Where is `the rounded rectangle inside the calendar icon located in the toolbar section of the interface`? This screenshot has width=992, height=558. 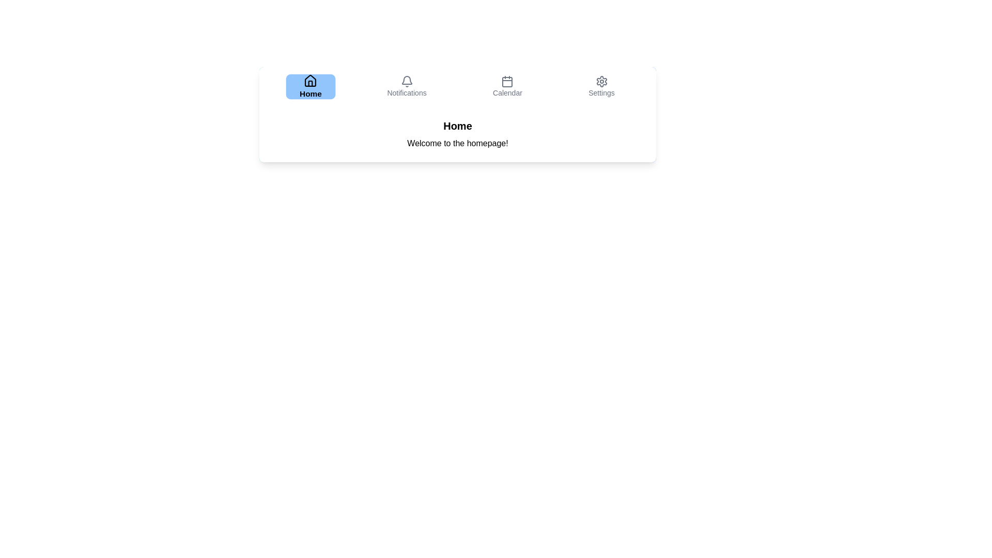
the rounded rectangle inside the calendar icon located in the toolbar section of the interface is located at coordinates (507, 81).